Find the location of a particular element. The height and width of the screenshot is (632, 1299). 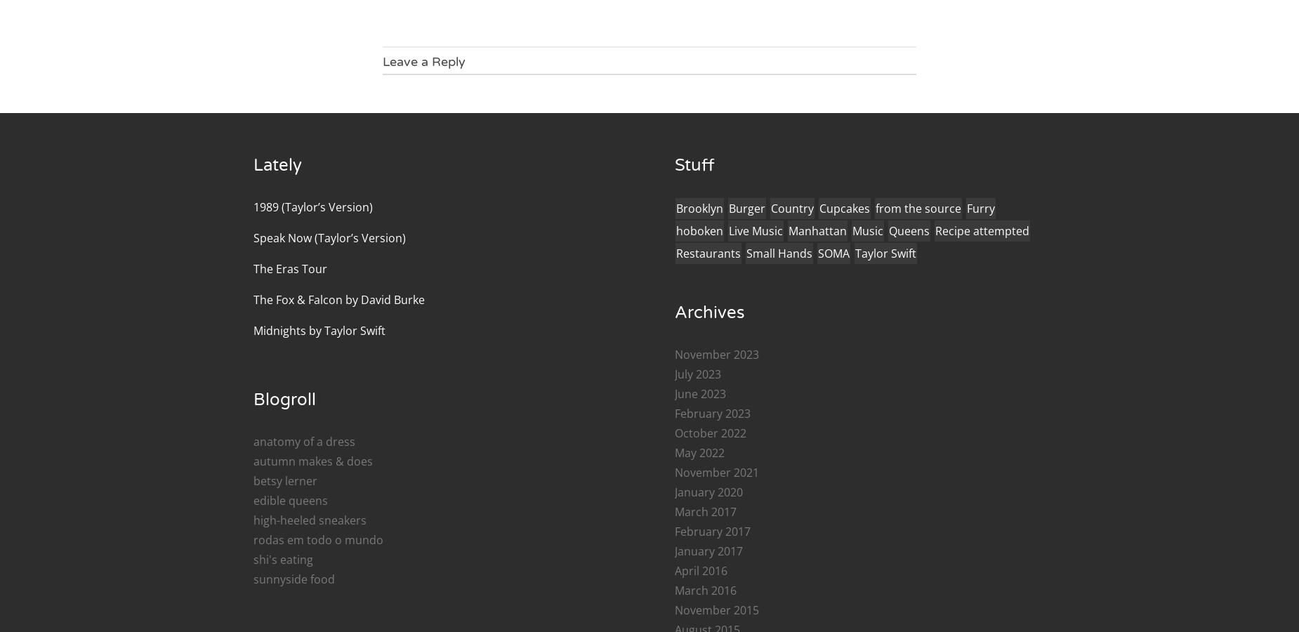

'sunnyside food' is located at coordinates (294, 579).